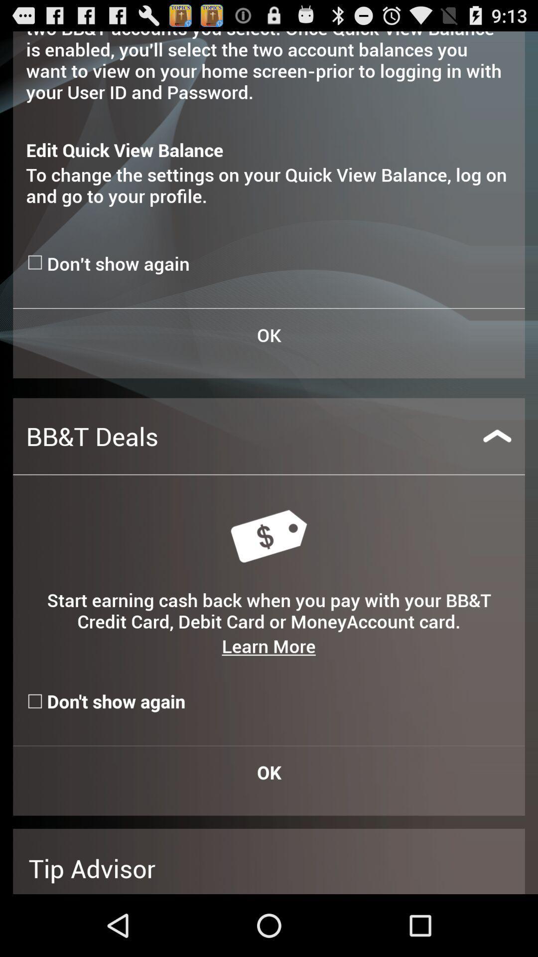 This screenshot has width=538, height=957. I want to click on learn more item, so click(268, 646).